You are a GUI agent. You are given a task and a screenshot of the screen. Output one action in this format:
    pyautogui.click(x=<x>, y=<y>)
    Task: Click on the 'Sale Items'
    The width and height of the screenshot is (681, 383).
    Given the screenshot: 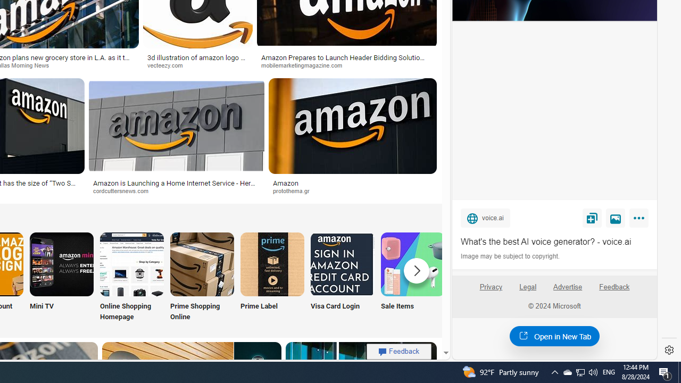 What is the action you would take?
    pyautogui.click(x=412, y=277)
    